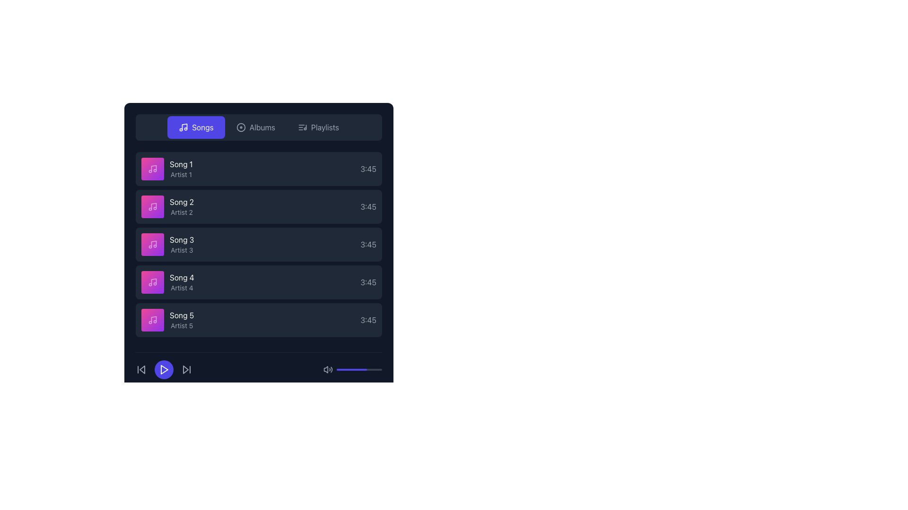 The width and height of the screenshot is (908, 510). What do you see at coordinates (366, 369) in the screenshot?
I see `the volume` at bounding box center [366, 369].